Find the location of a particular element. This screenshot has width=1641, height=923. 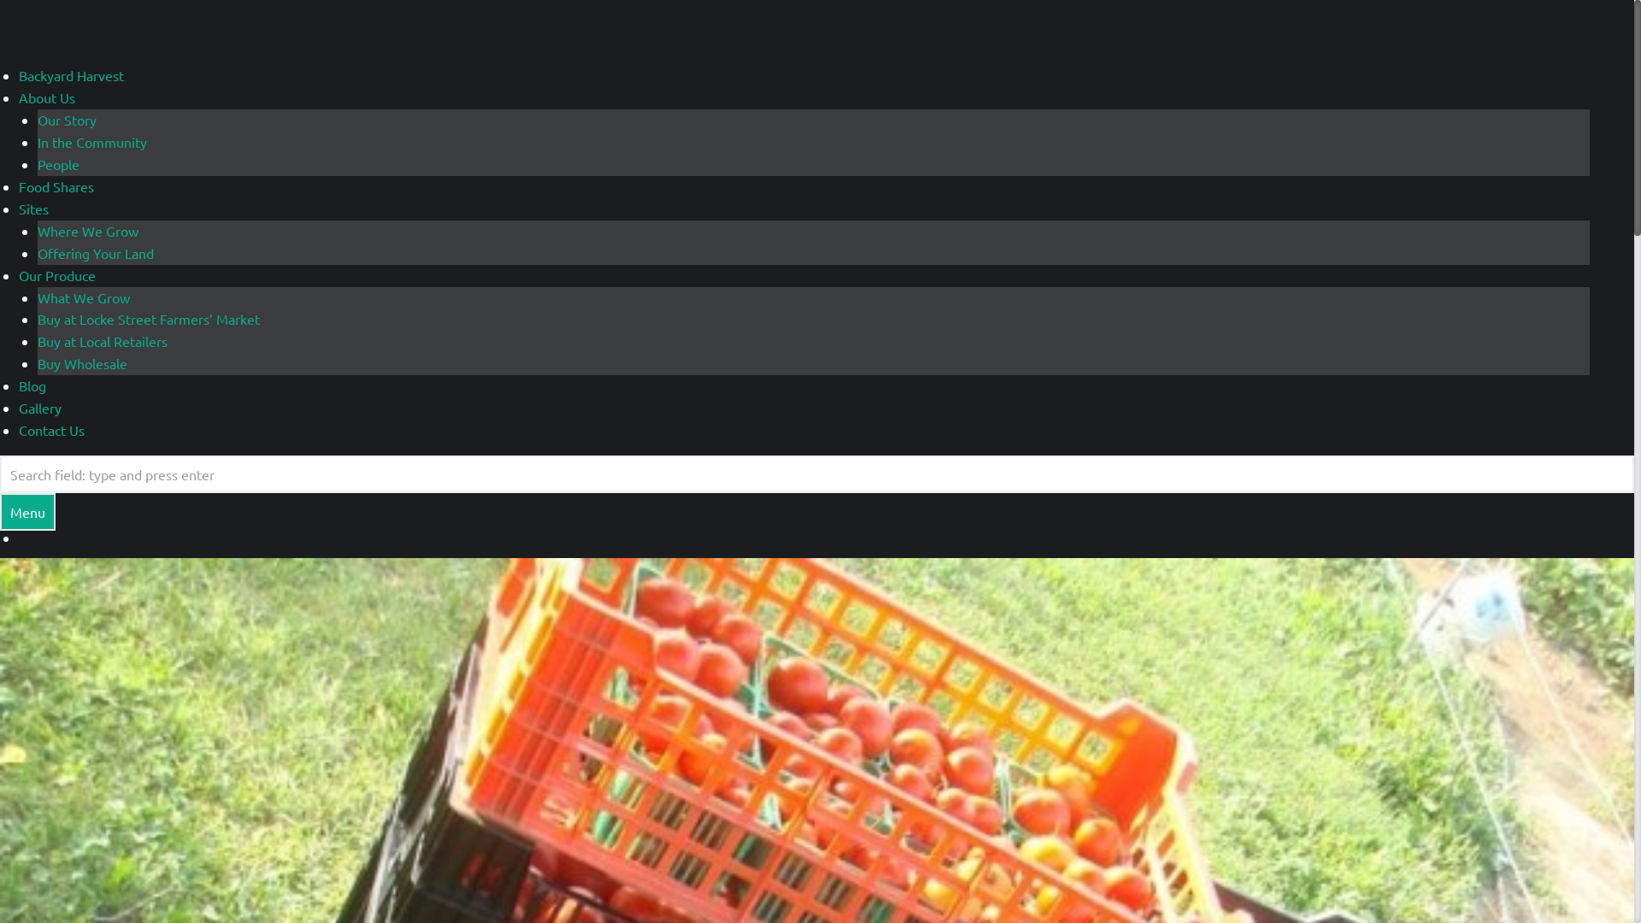

'Buy at Local Retailers' is located at coordinates (102, 340).